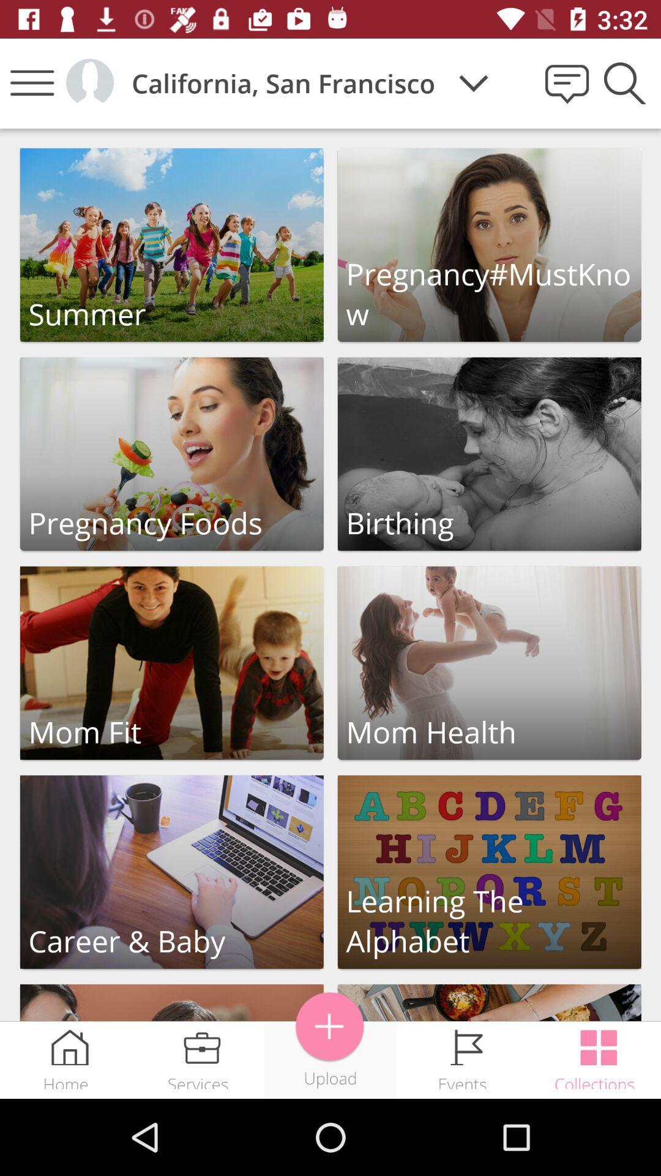  What do you see at coordinates (171, 662) in the screenshot?
I see `open mom fit section` at bounding box center [171, 662].